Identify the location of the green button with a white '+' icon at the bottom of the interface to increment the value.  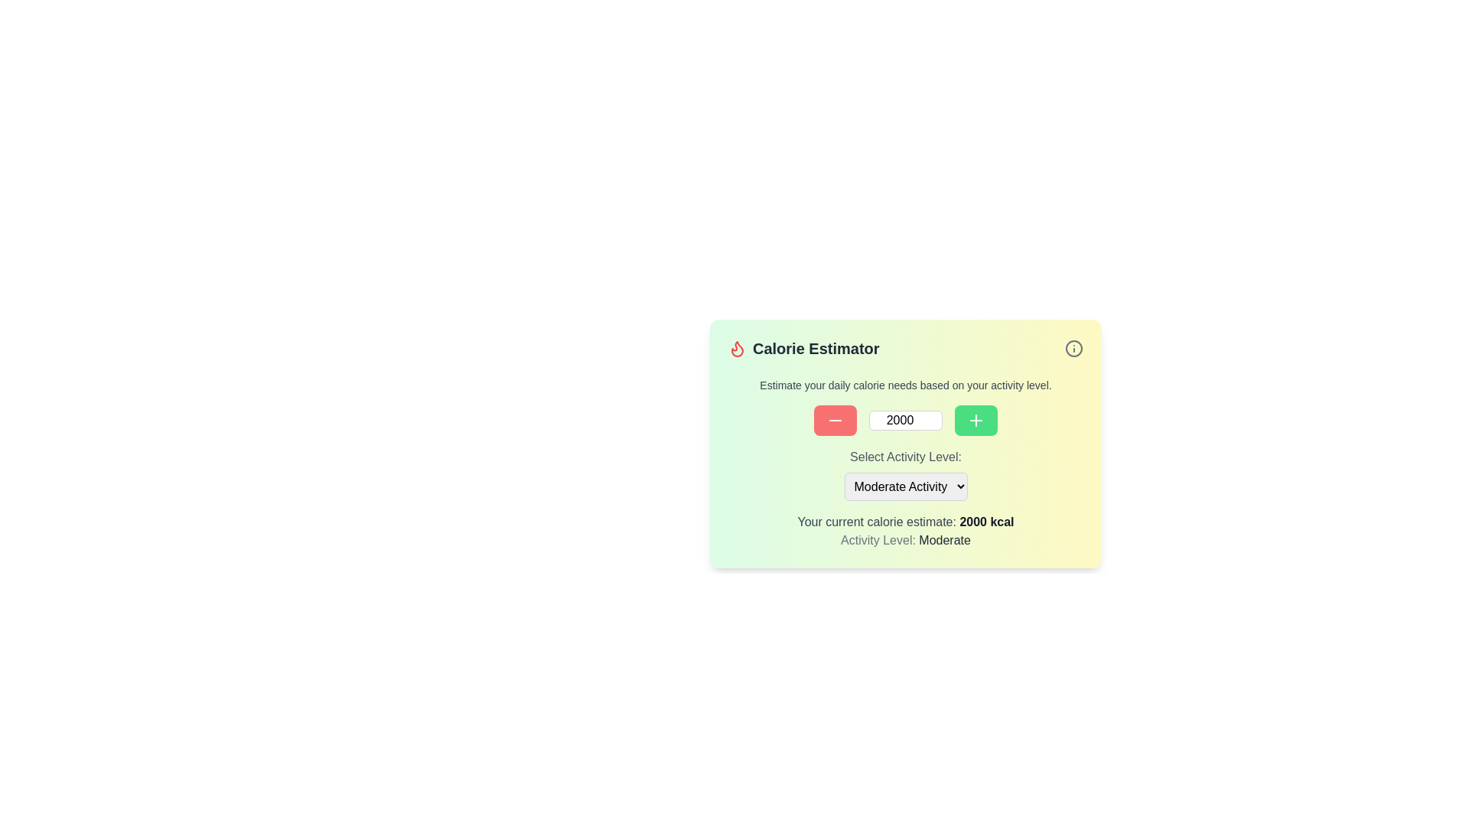
(976, 421).